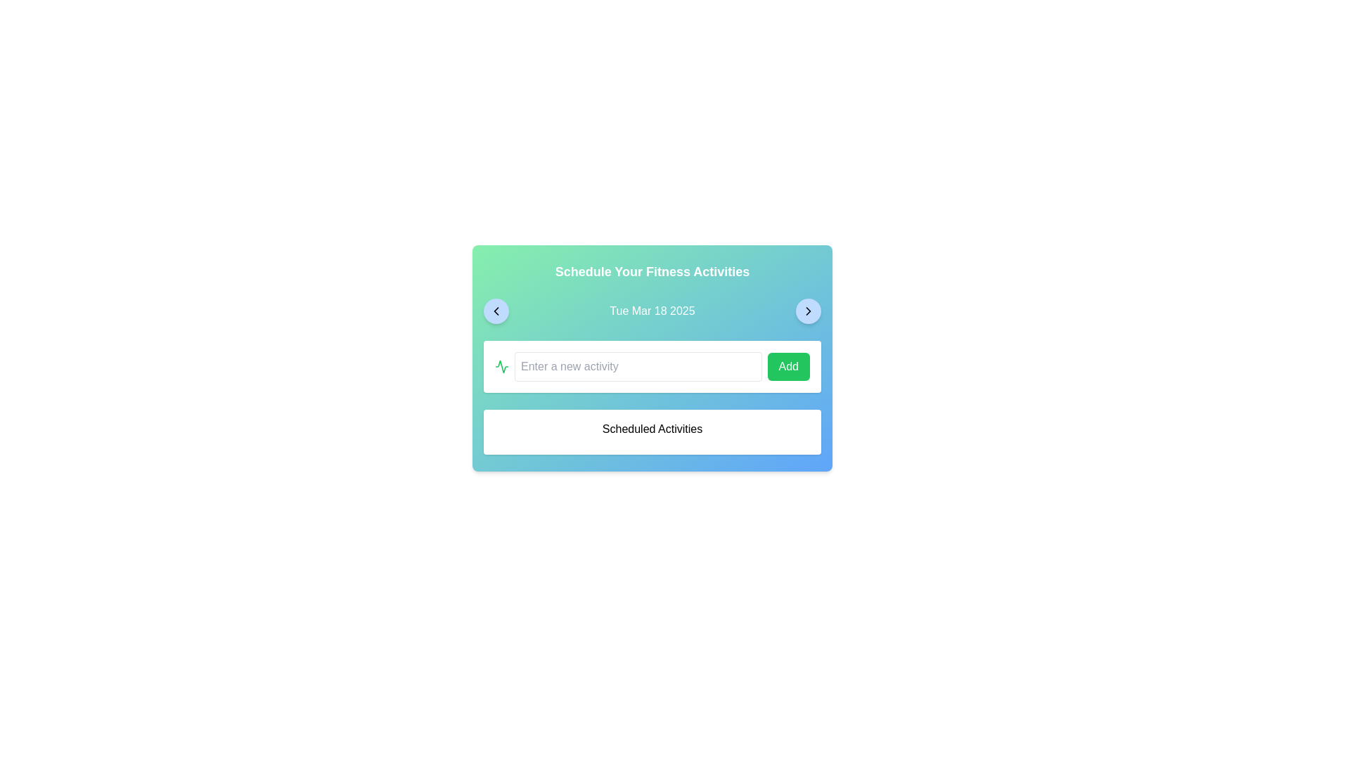 This screenshot has width=1350, height=759. Describe the element at coordinates (809, 311) in the screenshot. I see `the right-facing chevron icon, which is part of a circular button on the right side of the interface` at that location.